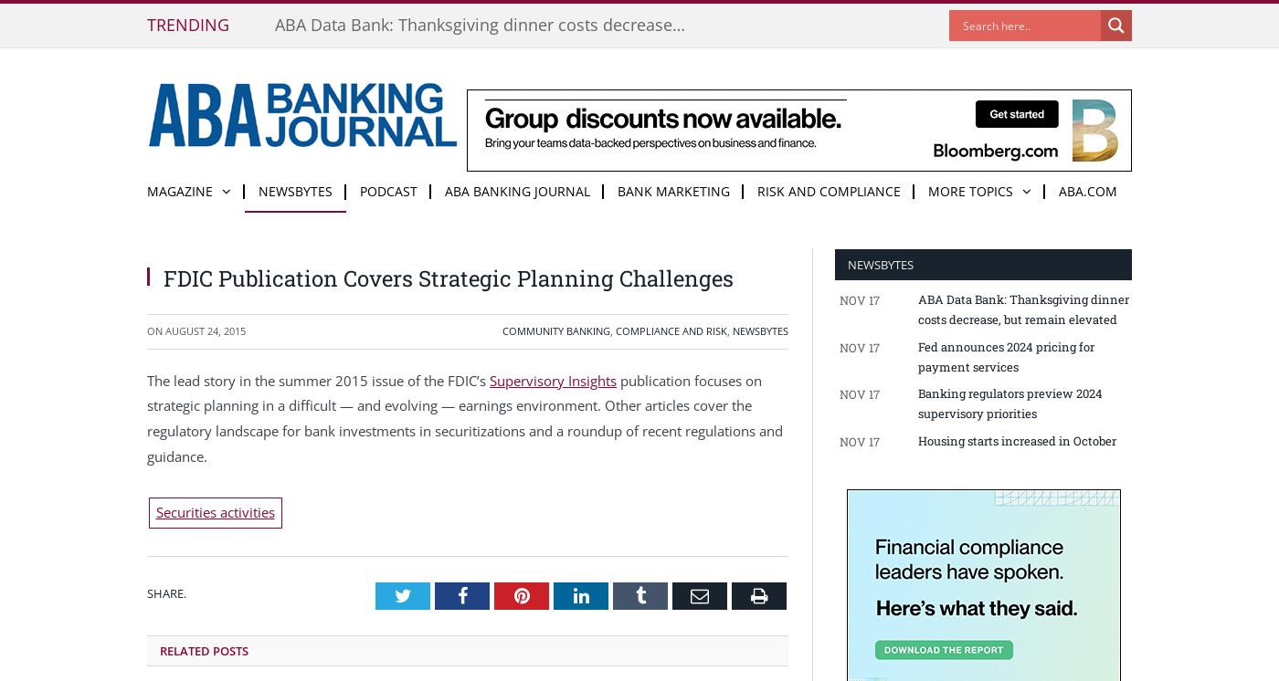  What do you see at coordinates (318, 378) in the screenshot?
I see `'The lead story in the summer 2015 issue of the FDIC’s'` at bounding box center [318, 378].